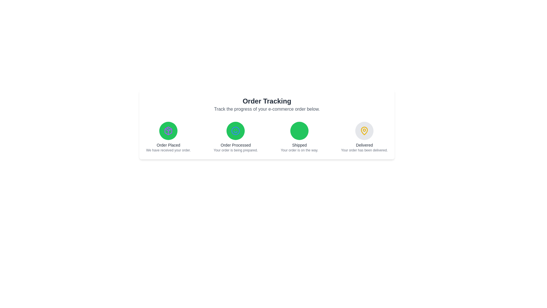 The height and width of the screenshot is (308, 547). Describe the element at coordinates (364, 131) in the screenshot. I see `the yellow map pin icon located within a circular gray background, positioned near the 'Delivered' label in the user interface, which is the fourth icon in the sequence of order tracking stages` at that location.